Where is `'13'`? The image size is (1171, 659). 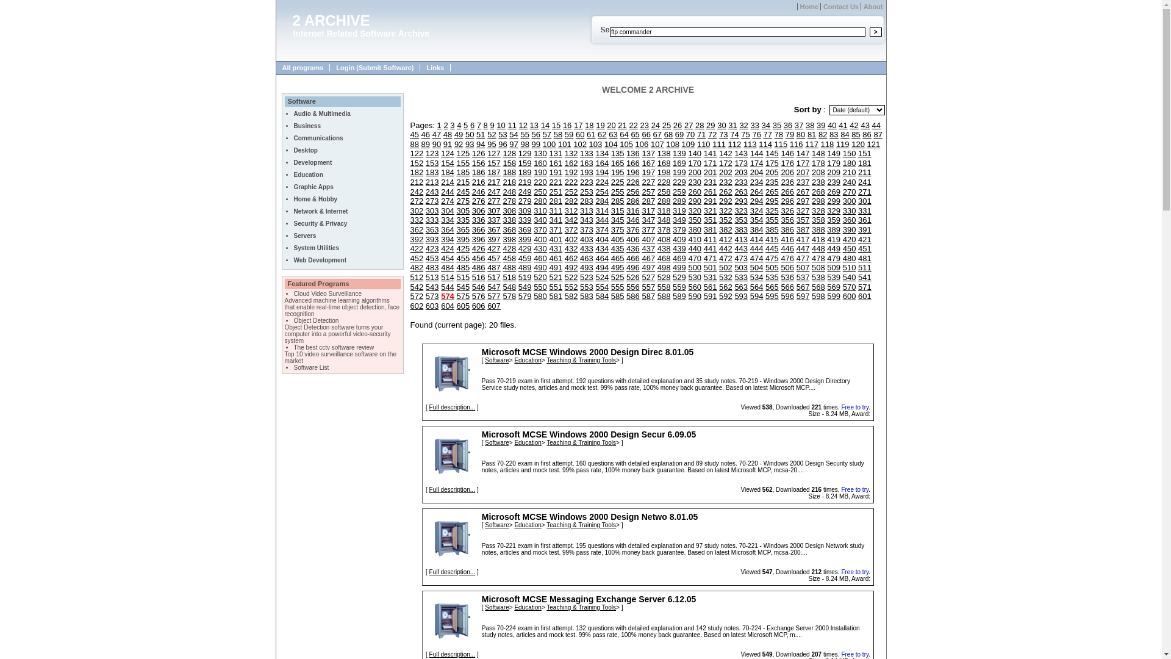 '13' is located at coordinates (534, 125).